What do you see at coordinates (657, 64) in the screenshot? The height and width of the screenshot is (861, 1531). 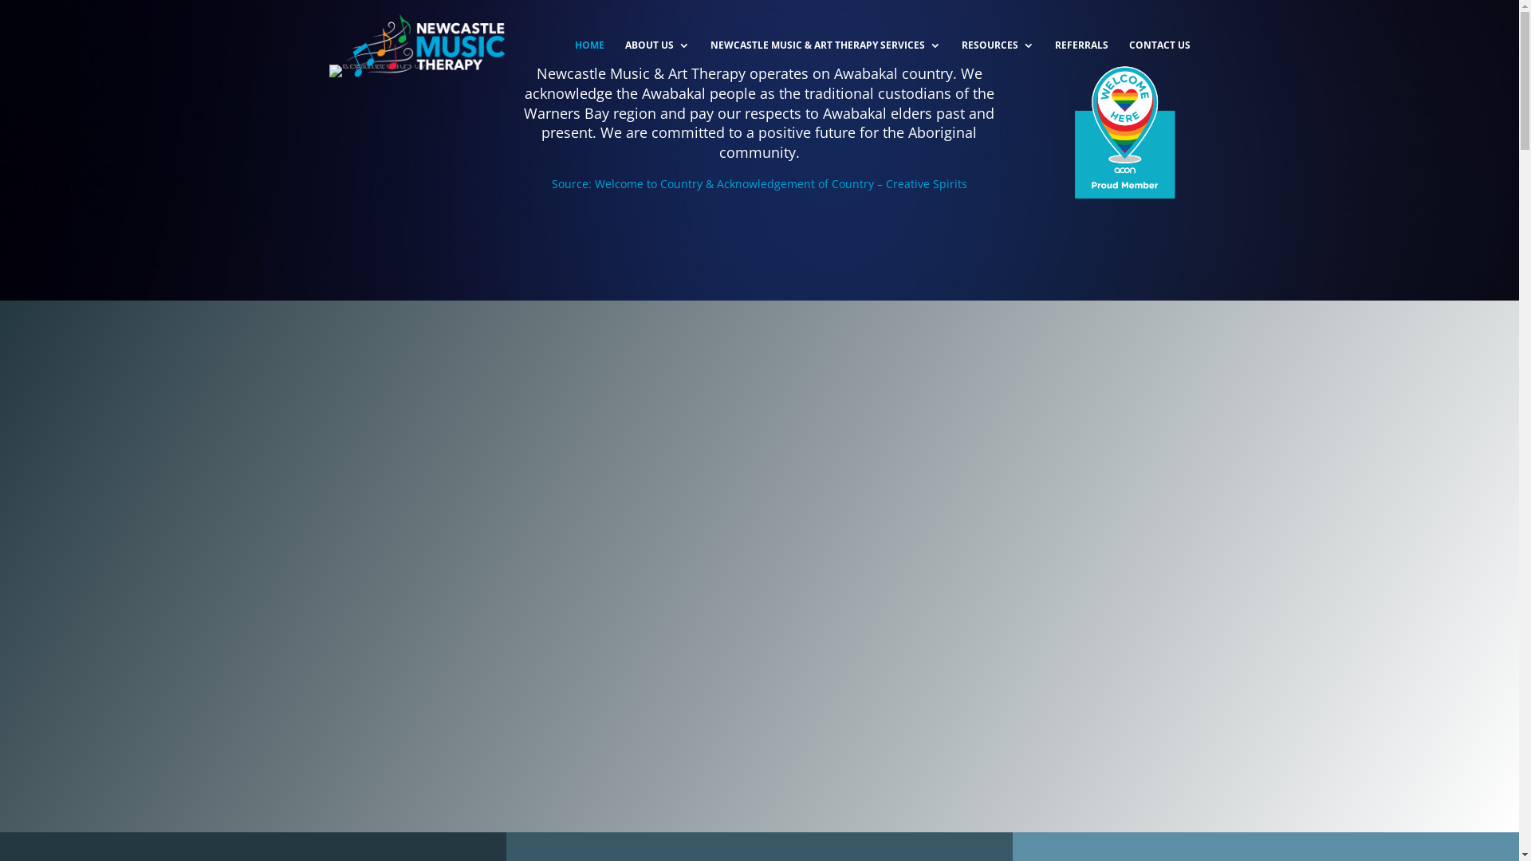 I see `'ABOUT US'` at bounding box center [657, 64].